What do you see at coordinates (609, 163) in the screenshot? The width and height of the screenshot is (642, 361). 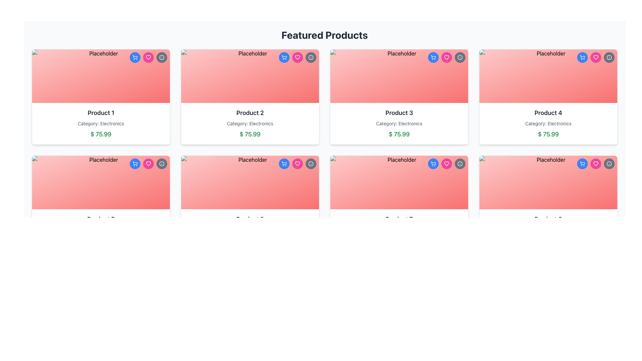 I see `the information icon located in the top-right corner of the product card labeled 'Product 4', which is the third icon from the left in the sequence` at bounding box center [609, 163].